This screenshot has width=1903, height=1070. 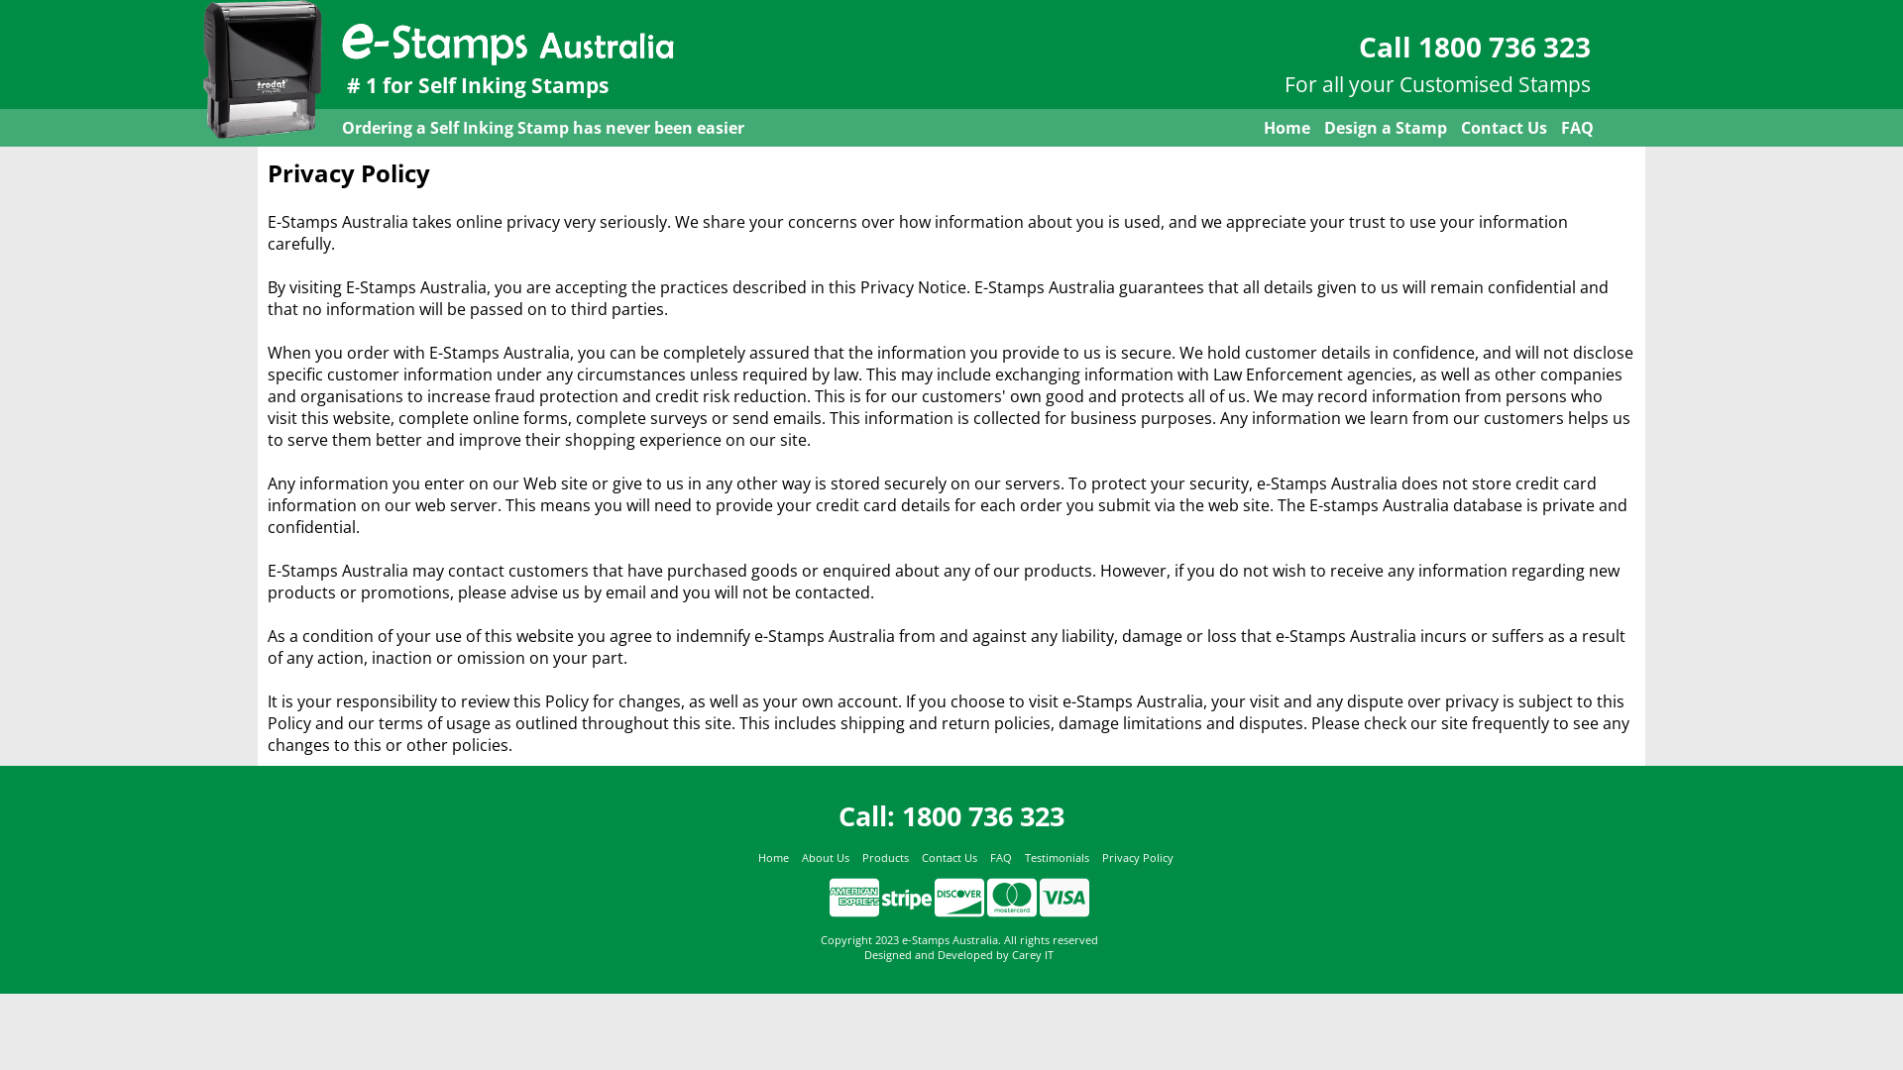 What do you see at coordinates (507, 41) in the screenshot?
I see `'e-Stamps Australia'` at bounding box center [507, 41].